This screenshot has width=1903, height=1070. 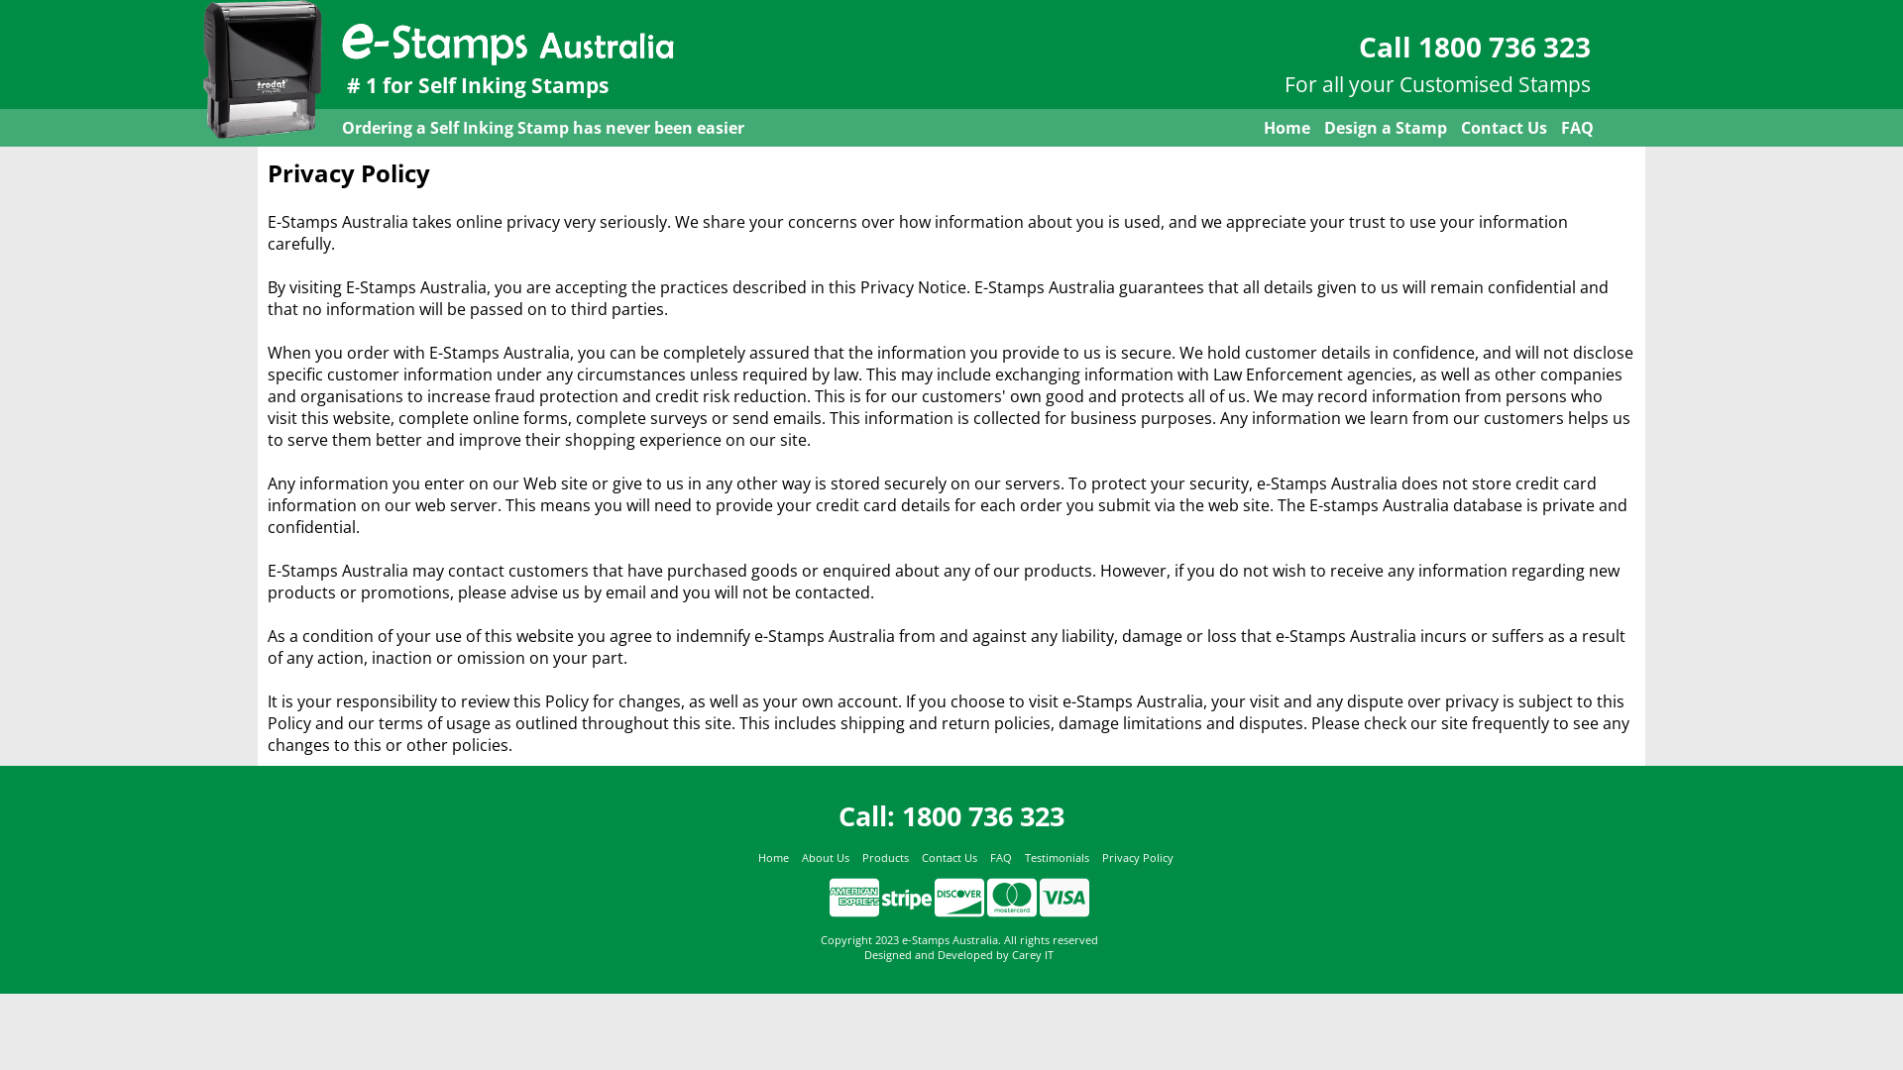 What do you see at coordinates (507, 41) in the screenshot?
I see `'e-Stamps Australia'` at bounding box center [507, 41].